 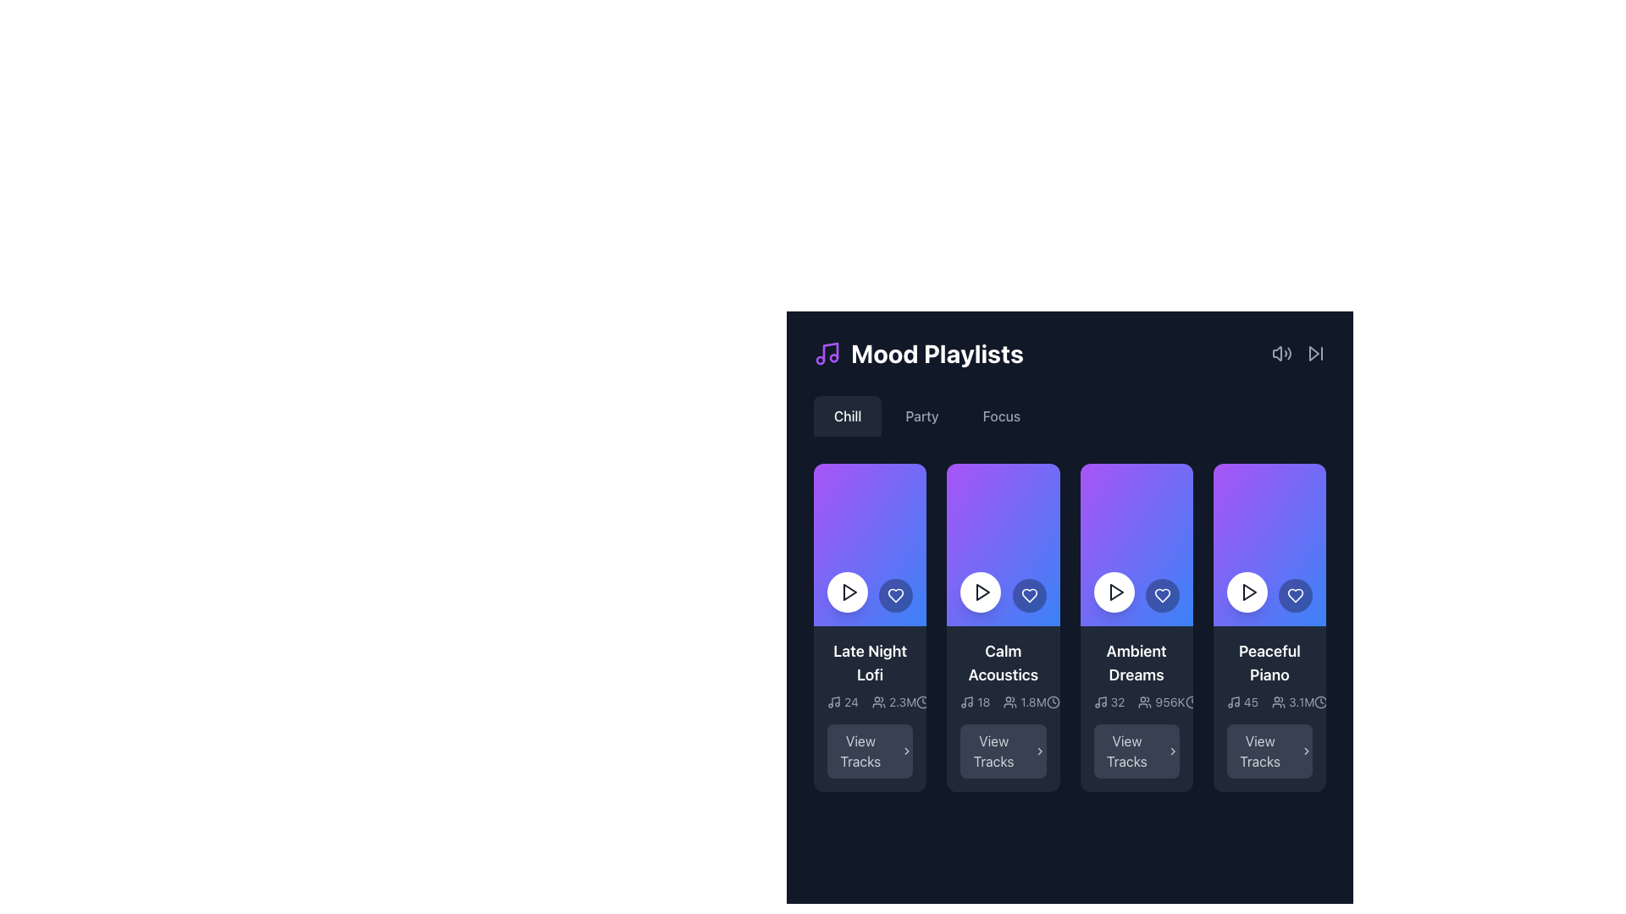 I want to click on the decorative vector graphic circle within the clock icon at the bottom-right of the 'Ambient Dreams' playlist card, so click(x=1191, y=702).